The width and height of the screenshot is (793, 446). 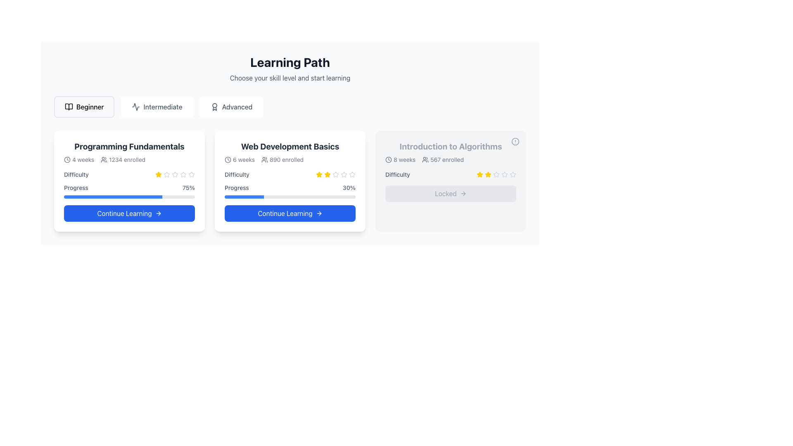 I want to click on the navigation icon located on the right edge of the 'Continue Learning' button in the 'Web Development Basics' section to advance to the next page or step, so click(x=318, y=213).